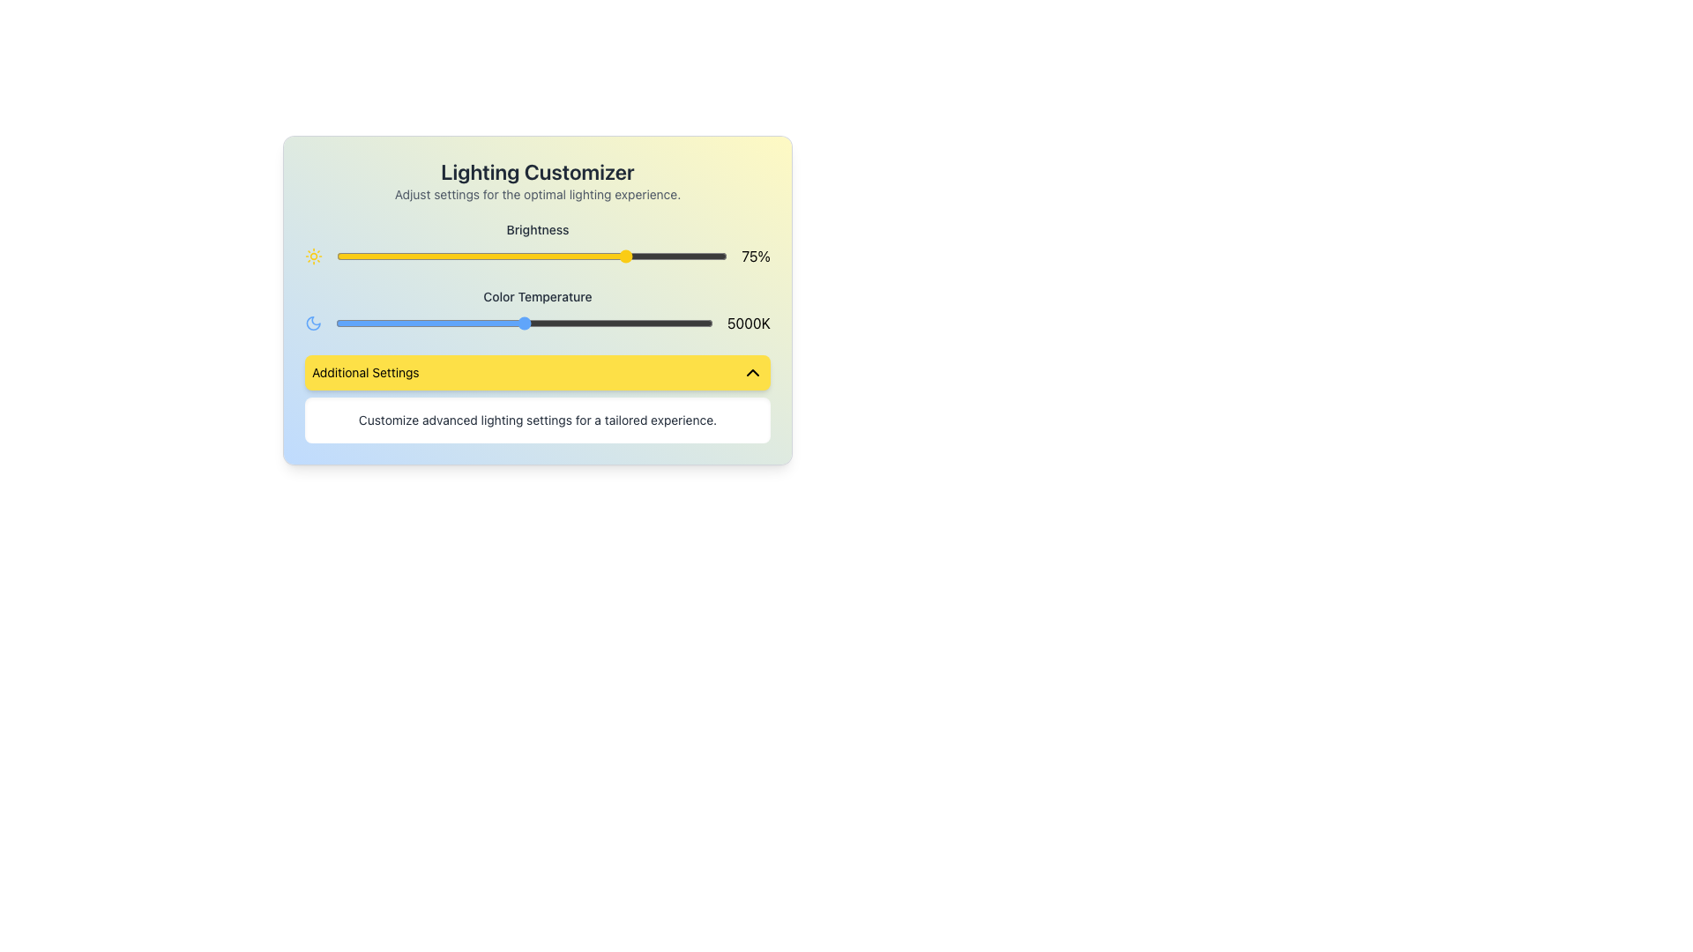 This screenshot has width=1693, height=952. What do you see at coordinates (536, 420) in the screenshot?
I see `the static text that provides details about advanced lighting settings in the 'Lighting Customizer' interface, located below the 'Additional Settings' button` at bounding box center [536, 420].